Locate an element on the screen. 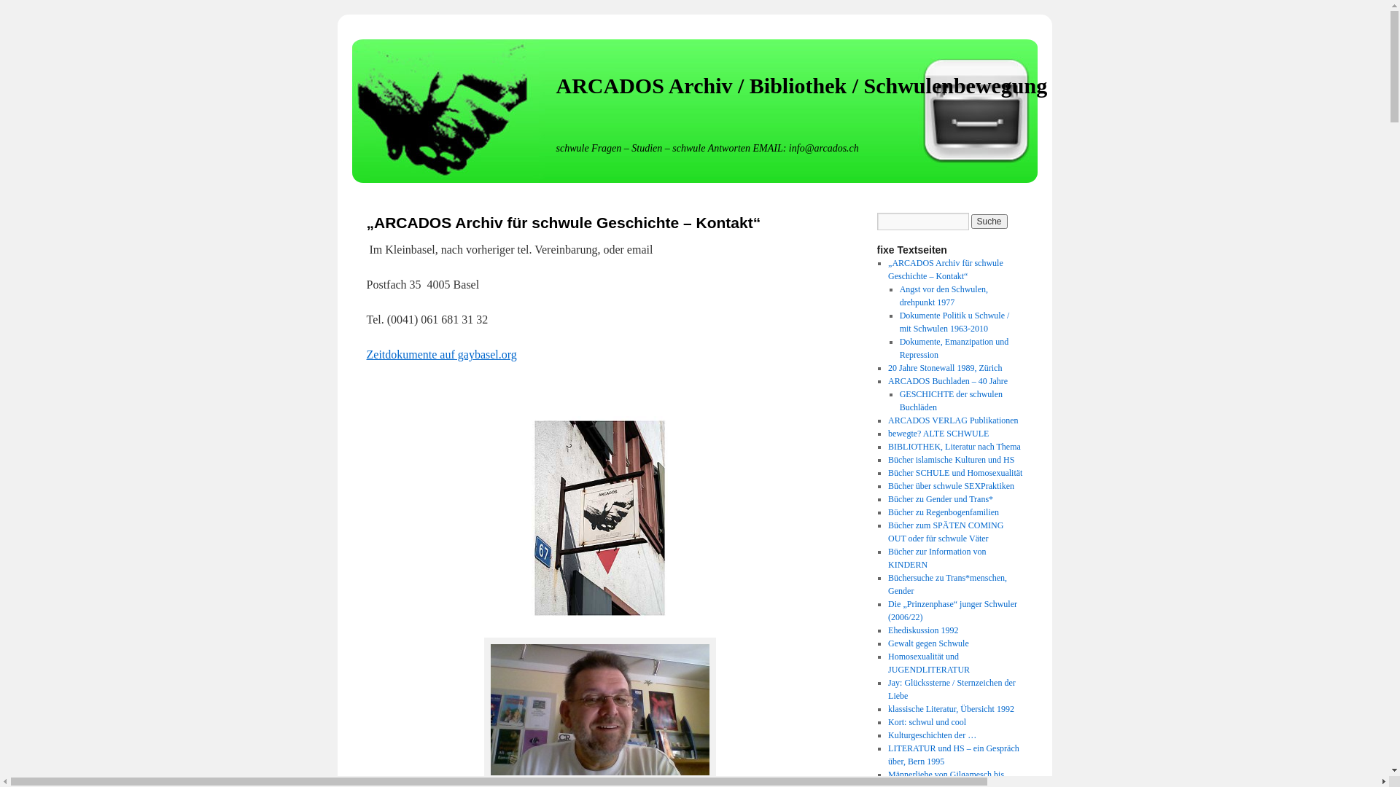 This screenshot has height=787, width=1400. 'Angst vor den Schwulen, drehpunkt 1977' is located at coordinates (944, 295).